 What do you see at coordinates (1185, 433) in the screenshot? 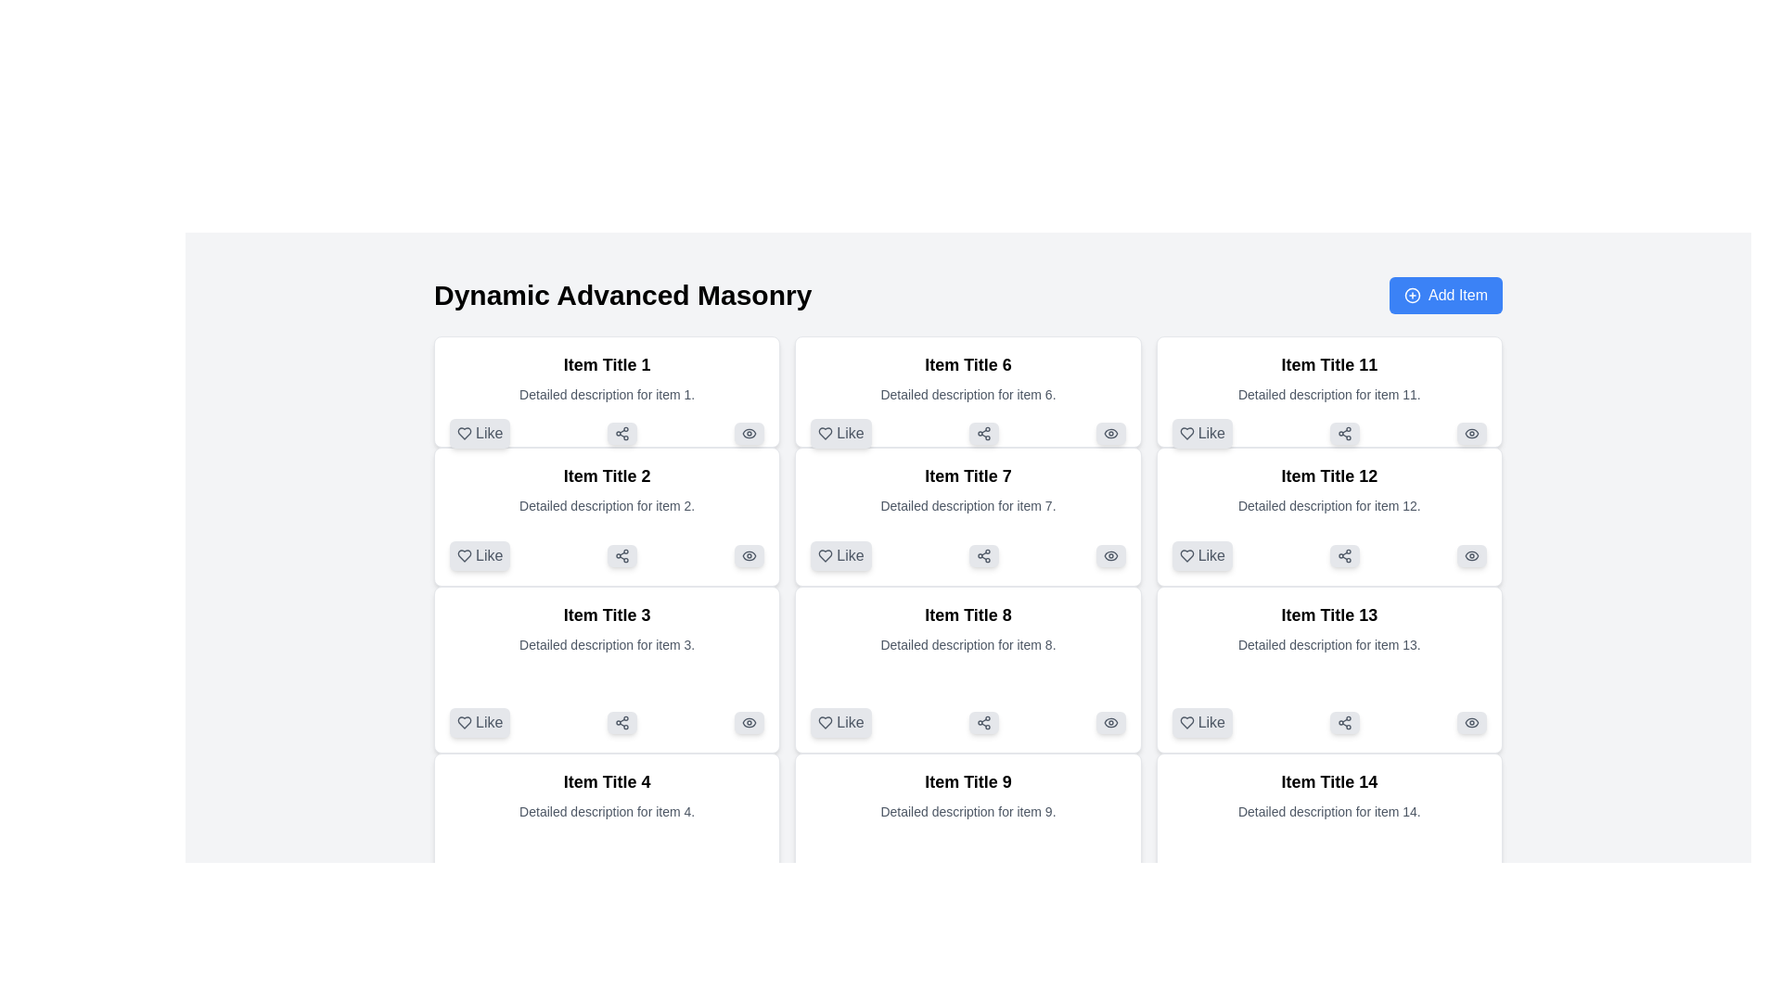
I see `the like icon button located in the bottom left corner of the rightmost card in the third row titled 'Item Title 11' to express approval for the item` at bounding box center [1185, 433].